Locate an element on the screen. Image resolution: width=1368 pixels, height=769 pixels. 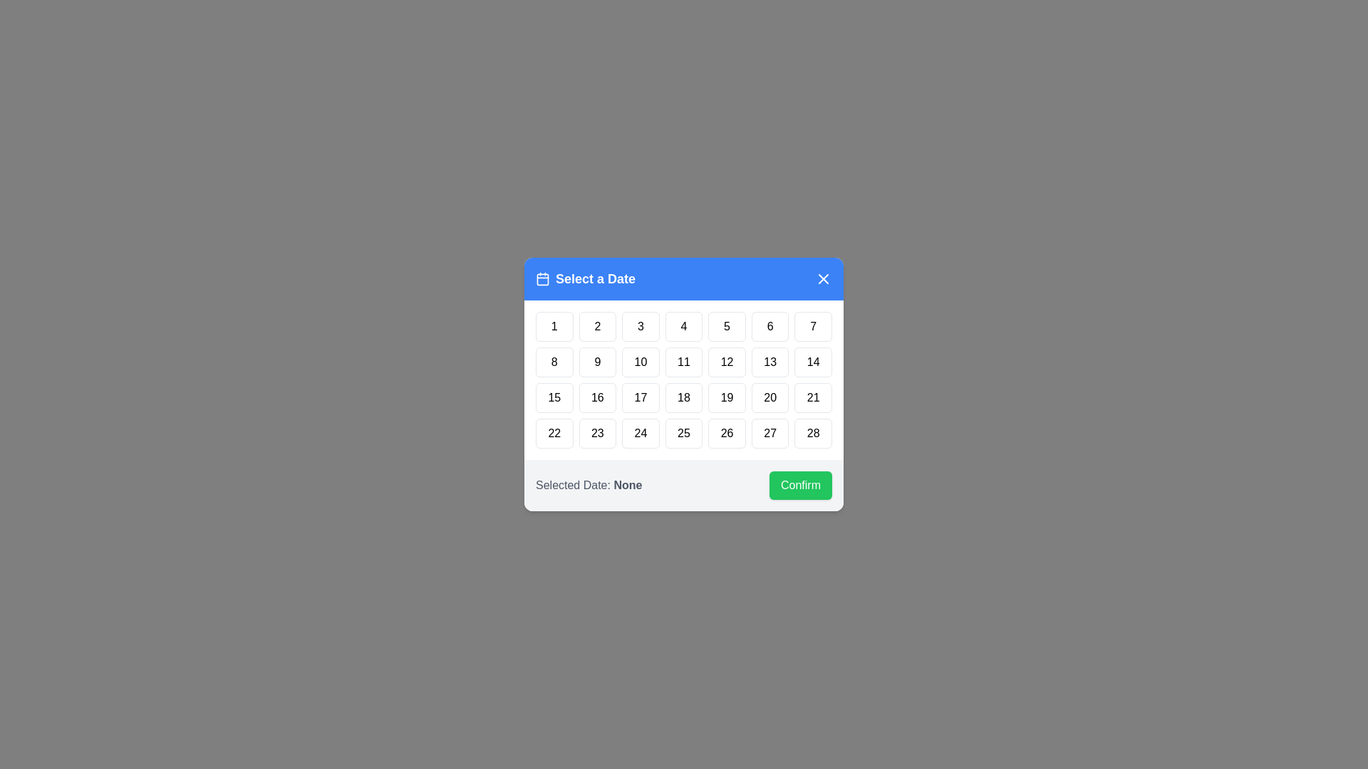
the day button labeled 25 to highlight it is located at coordinates (684, 433).